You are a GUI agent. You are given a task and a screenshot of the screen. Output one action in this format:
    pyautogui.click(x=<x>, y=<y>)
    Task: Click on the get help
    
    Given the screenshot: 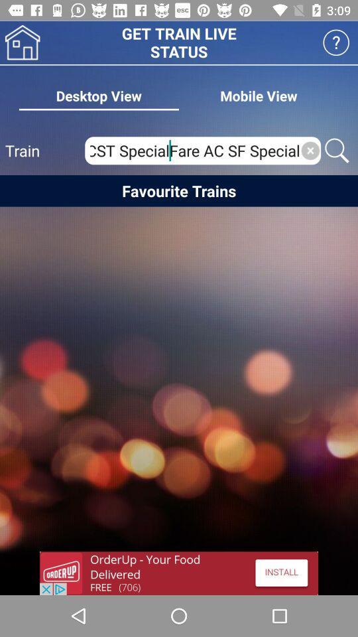 What is the action you would take?
    pyautogui.click(x=336, y=42)
    